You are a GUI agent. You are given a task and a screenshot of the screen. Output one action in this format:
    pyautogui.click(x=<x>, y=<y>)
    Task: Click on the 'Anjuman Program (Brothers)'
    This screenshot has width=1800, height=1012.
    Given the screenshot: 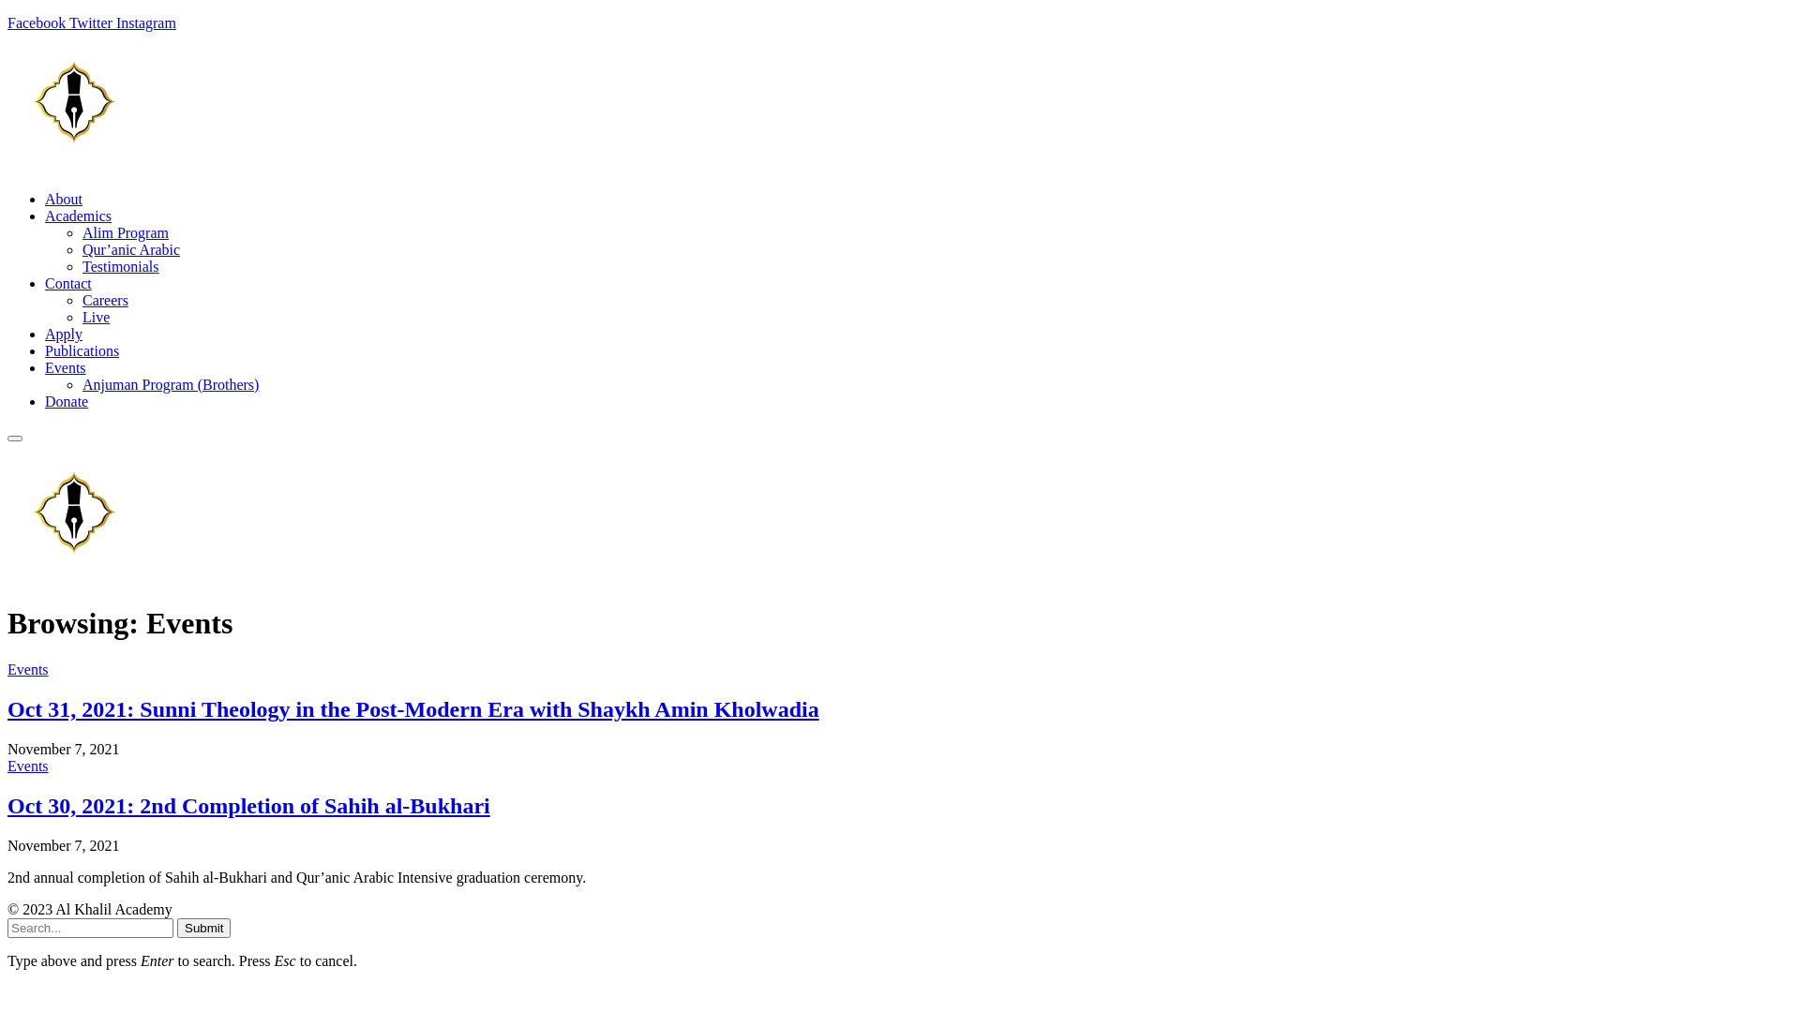 What is the action you would take?
    pyautogui.click(x=81, y=383)
    